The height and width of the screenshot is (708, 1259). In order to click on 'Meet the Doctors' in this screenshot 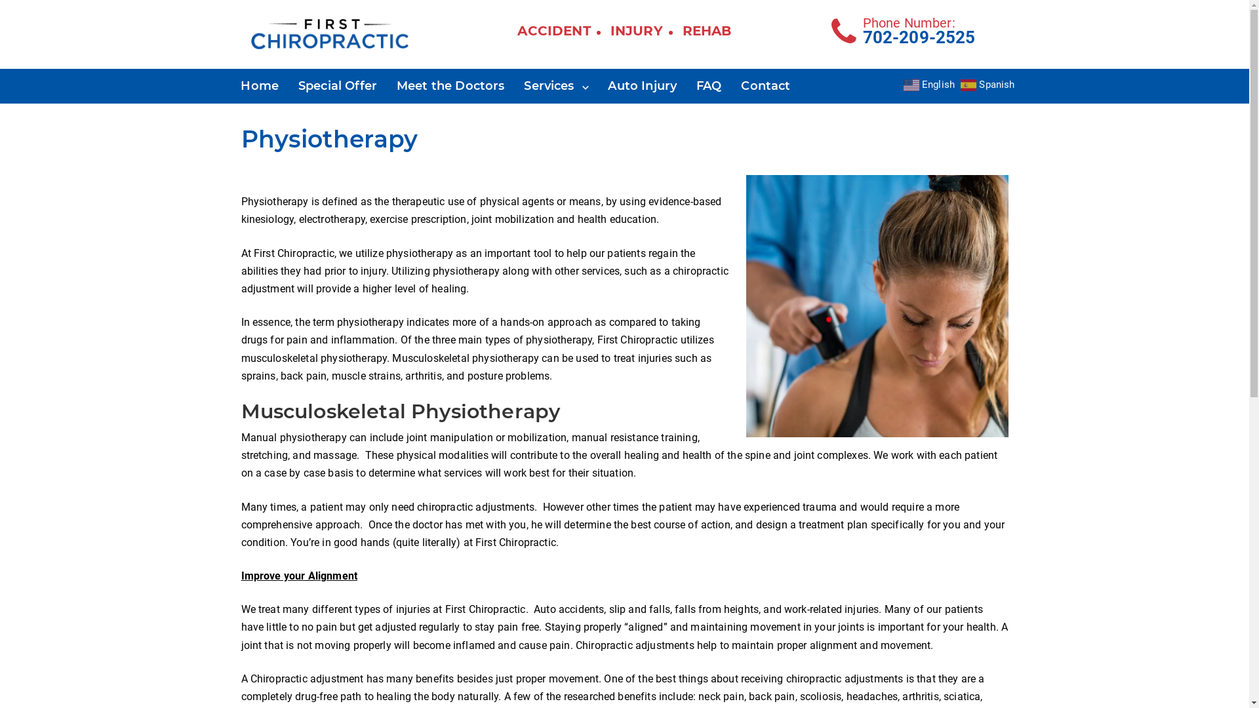, I will do `click(450, 86)`.